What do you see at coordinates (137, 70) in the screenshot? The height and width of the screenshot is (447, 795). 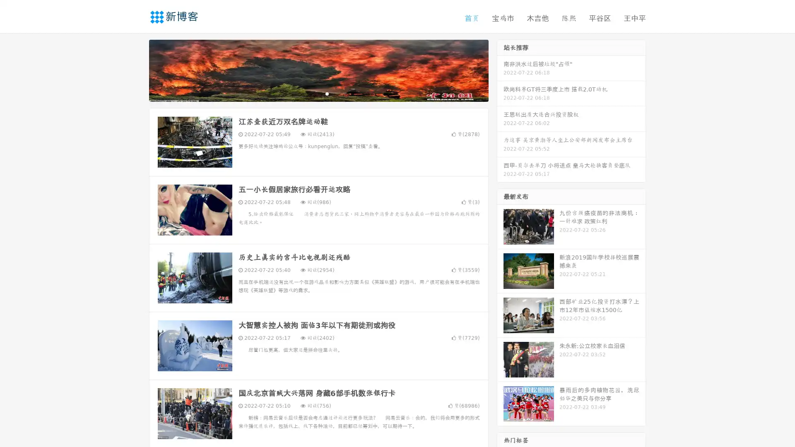 I see `Previous slide` at bounding box center [137, 70].